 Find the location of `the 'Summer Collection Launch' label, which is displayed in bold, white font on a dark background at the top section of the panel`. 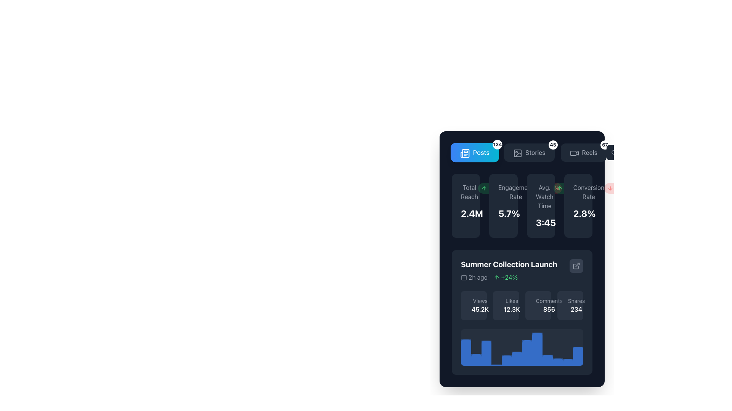

the 'Summer Collection Launch' label, which is displayed in bold, white font on a dark background at the top section of the panel is located at coordinates (509, 264).